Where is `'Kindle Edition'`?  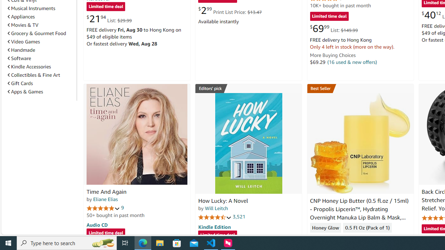 'Kindle Edition' is located at coordinates (214, 227).